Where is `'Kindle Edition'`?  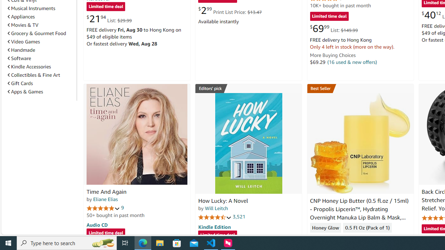 'Kindle Edition' is located at coordinates (214, 227).